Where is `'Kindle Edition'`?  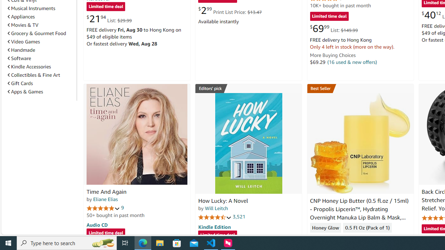 'Kindle Edition' is located at coordinates (214, 227).